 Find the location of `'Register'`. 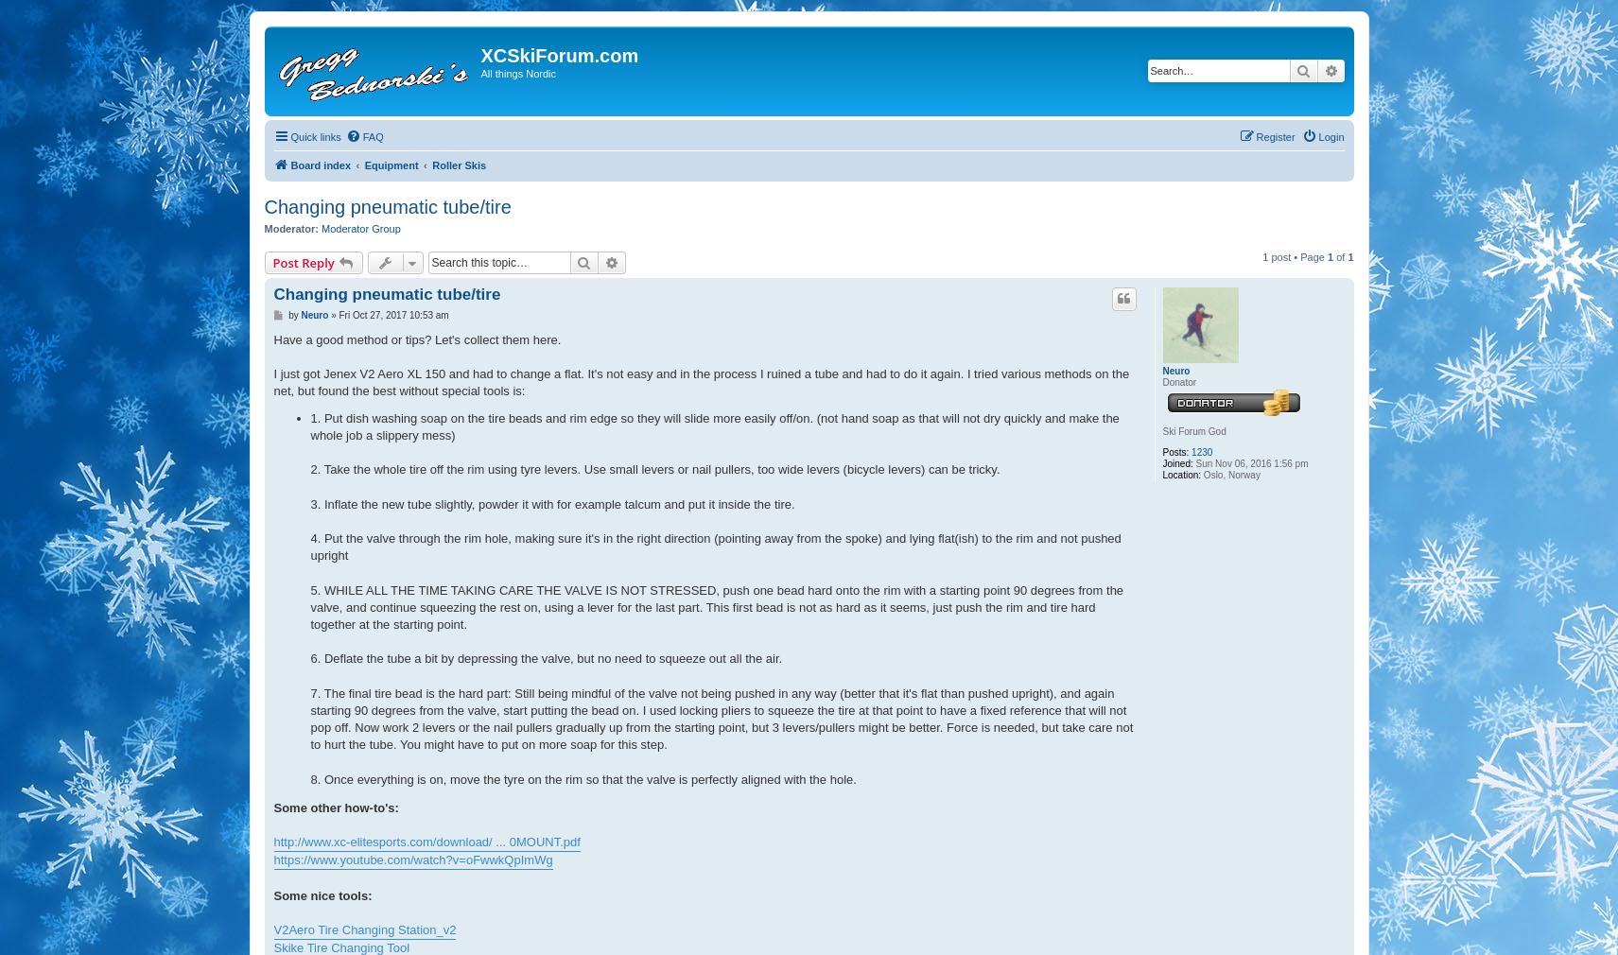

'Register' is located at coordinates (1255, 136).